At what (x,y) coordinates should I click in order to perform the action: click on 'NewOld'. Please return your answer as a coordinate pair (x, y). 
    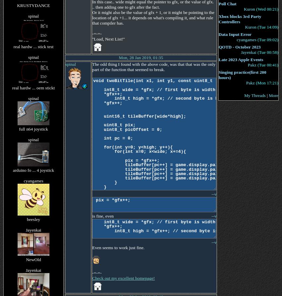
    Looking at the image, I should click on (26, 259).